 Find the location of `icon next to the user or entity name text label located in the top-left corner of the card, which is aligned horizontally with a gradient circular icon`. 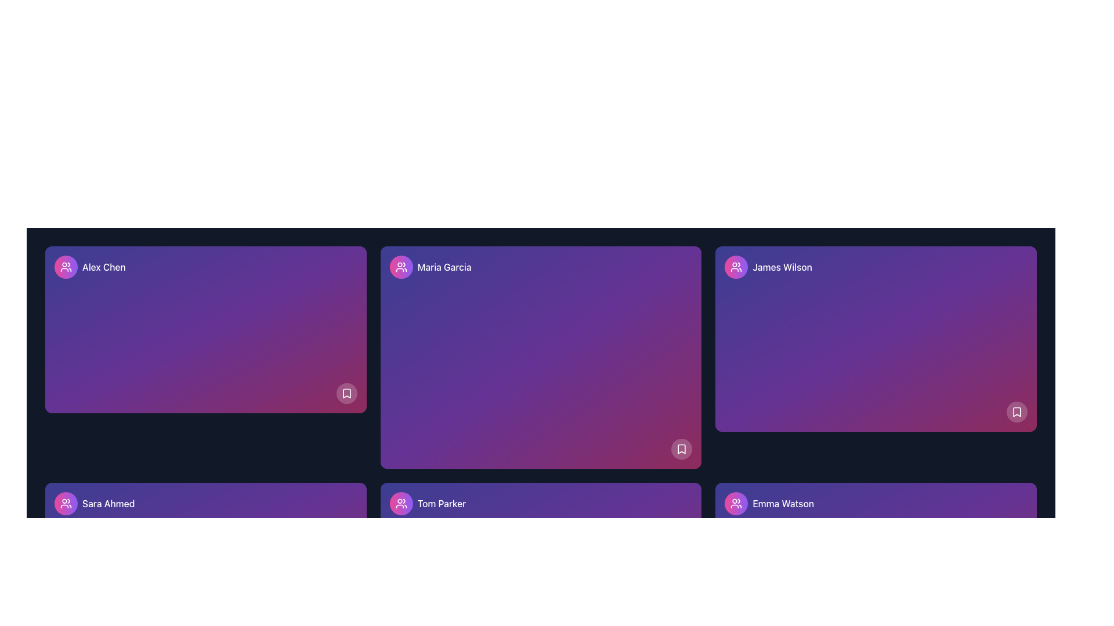

icon next to the user or entity name text label located in the top-left corner of the card, which is aligned horizontally with a gradient circular icon is located at coordinates (430, 267).